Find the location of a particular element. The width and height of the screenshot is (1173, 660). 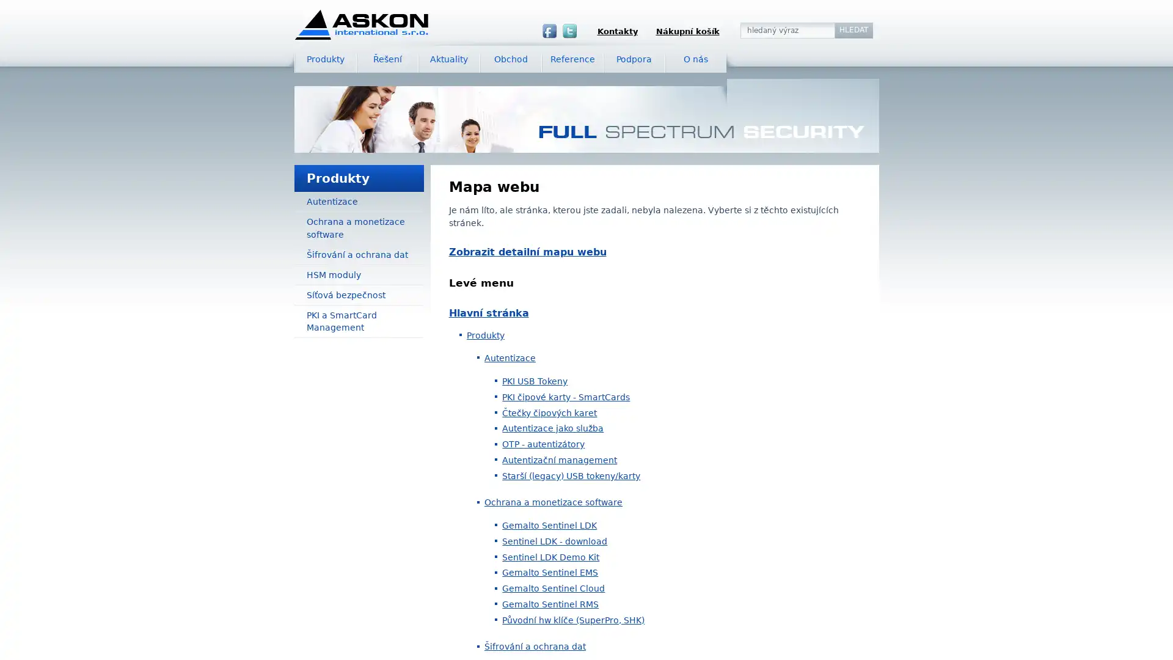

Hledat is located at coordinates (853, 30).